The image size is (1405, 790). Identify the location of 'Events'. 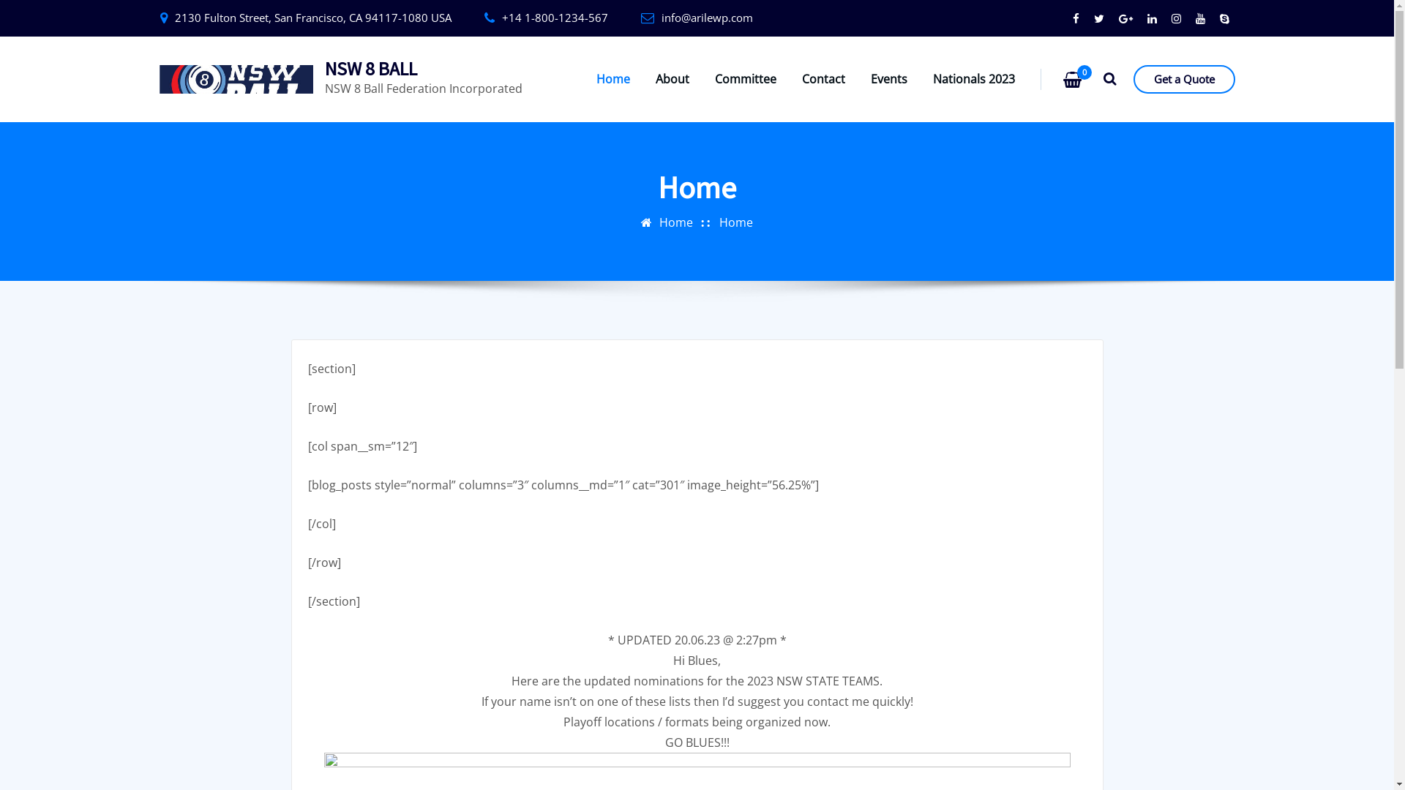
(888, 79).